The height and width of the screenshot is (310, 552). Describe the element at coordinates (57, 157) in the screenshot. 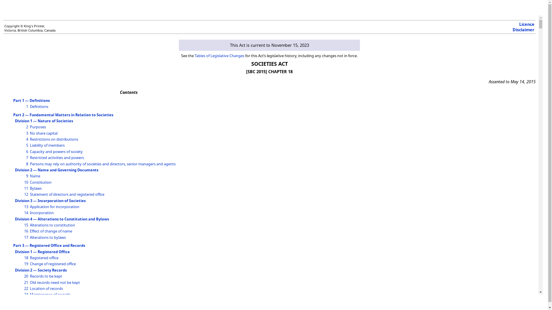

I see `'Restricted activities and powers'` at that location.